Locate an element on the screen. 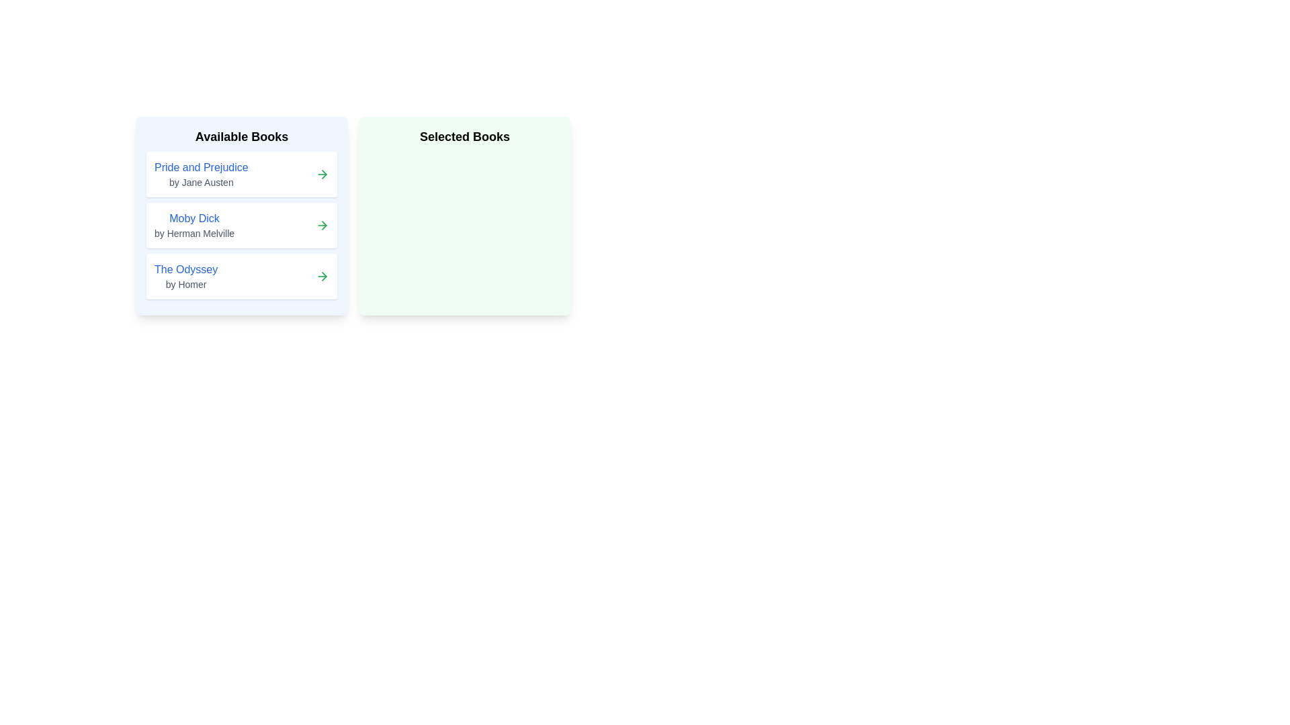 This screenshot has height=725, width=1290. the arrowhead icon pointing to the right next to 'Moby Dick by Herman Melville' is located at coordinates (324, 224).